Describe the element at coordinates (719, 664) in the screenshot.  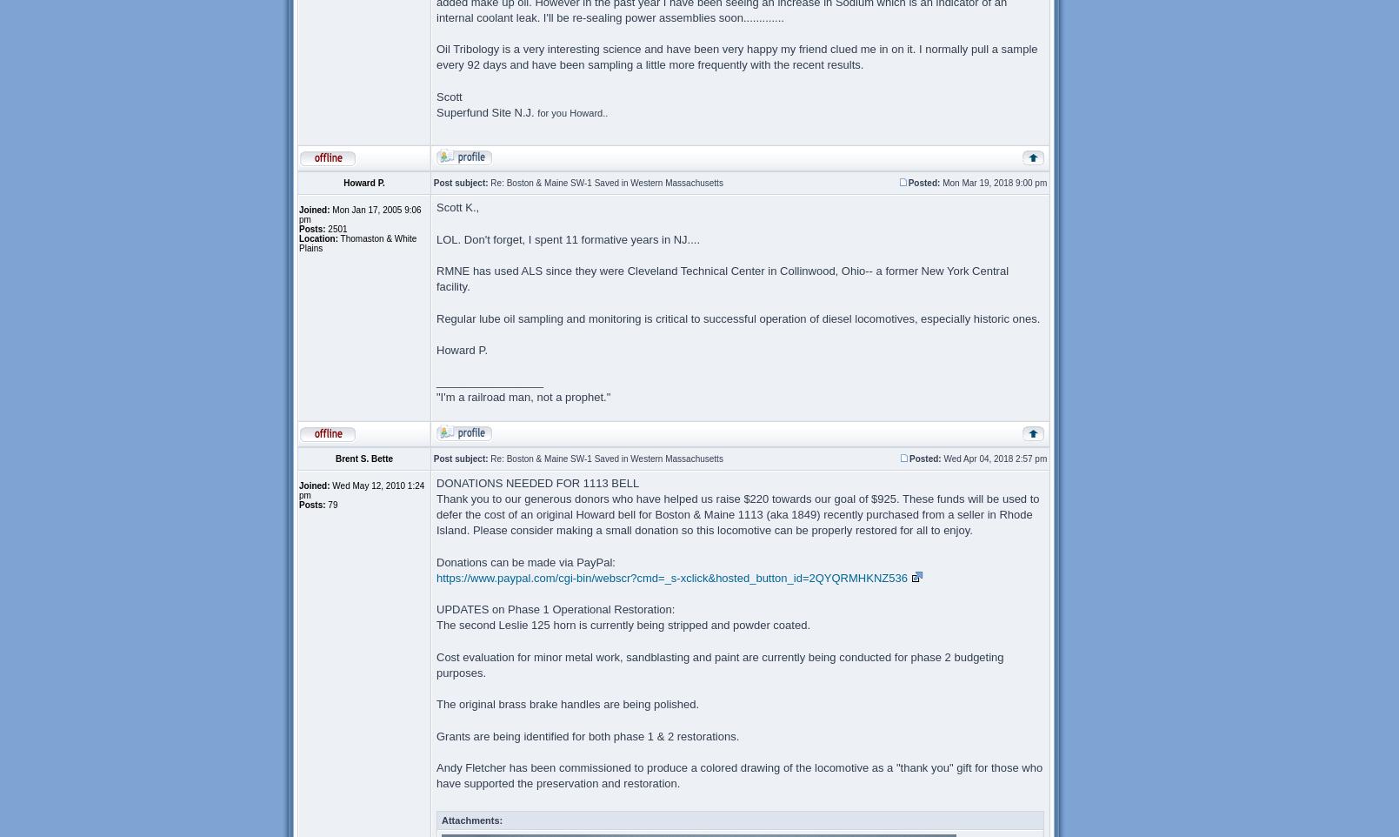
I see `'Cost evaluation for minor metal work, sandblasting and paint are currently being conducted for phase 2 budgeting purposes.'` at that location.